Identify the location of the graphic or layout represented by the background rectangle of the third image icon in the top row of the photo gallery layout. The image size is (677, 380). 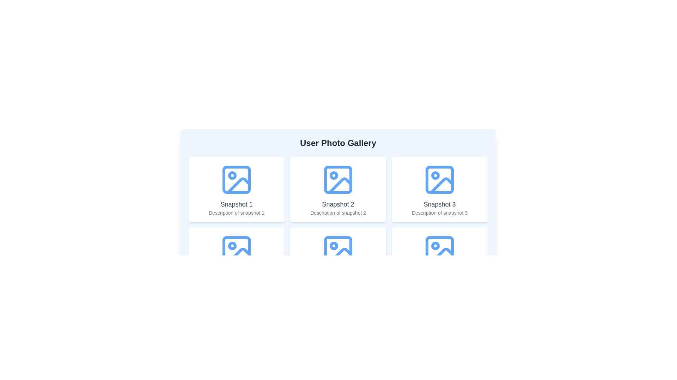
(439, 179).